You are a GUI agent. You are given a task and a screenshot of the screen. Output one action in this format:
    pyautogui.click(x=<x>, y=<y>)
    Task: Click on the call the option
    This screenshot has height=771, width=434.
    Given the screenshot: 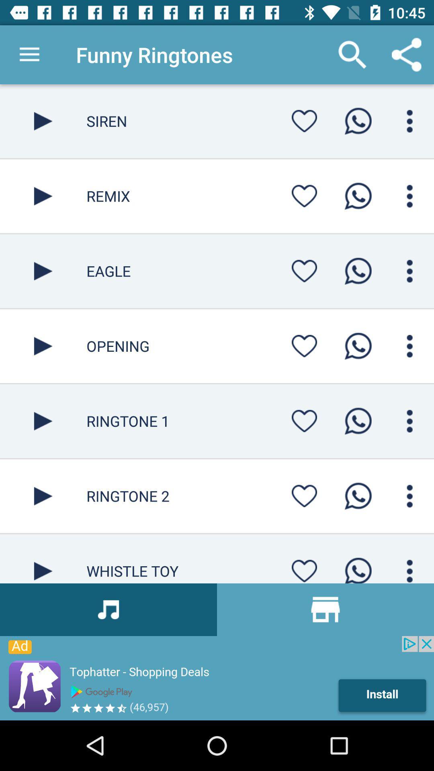 What is the action you would take?
    pyautogui.click(x=358, y=496)
    